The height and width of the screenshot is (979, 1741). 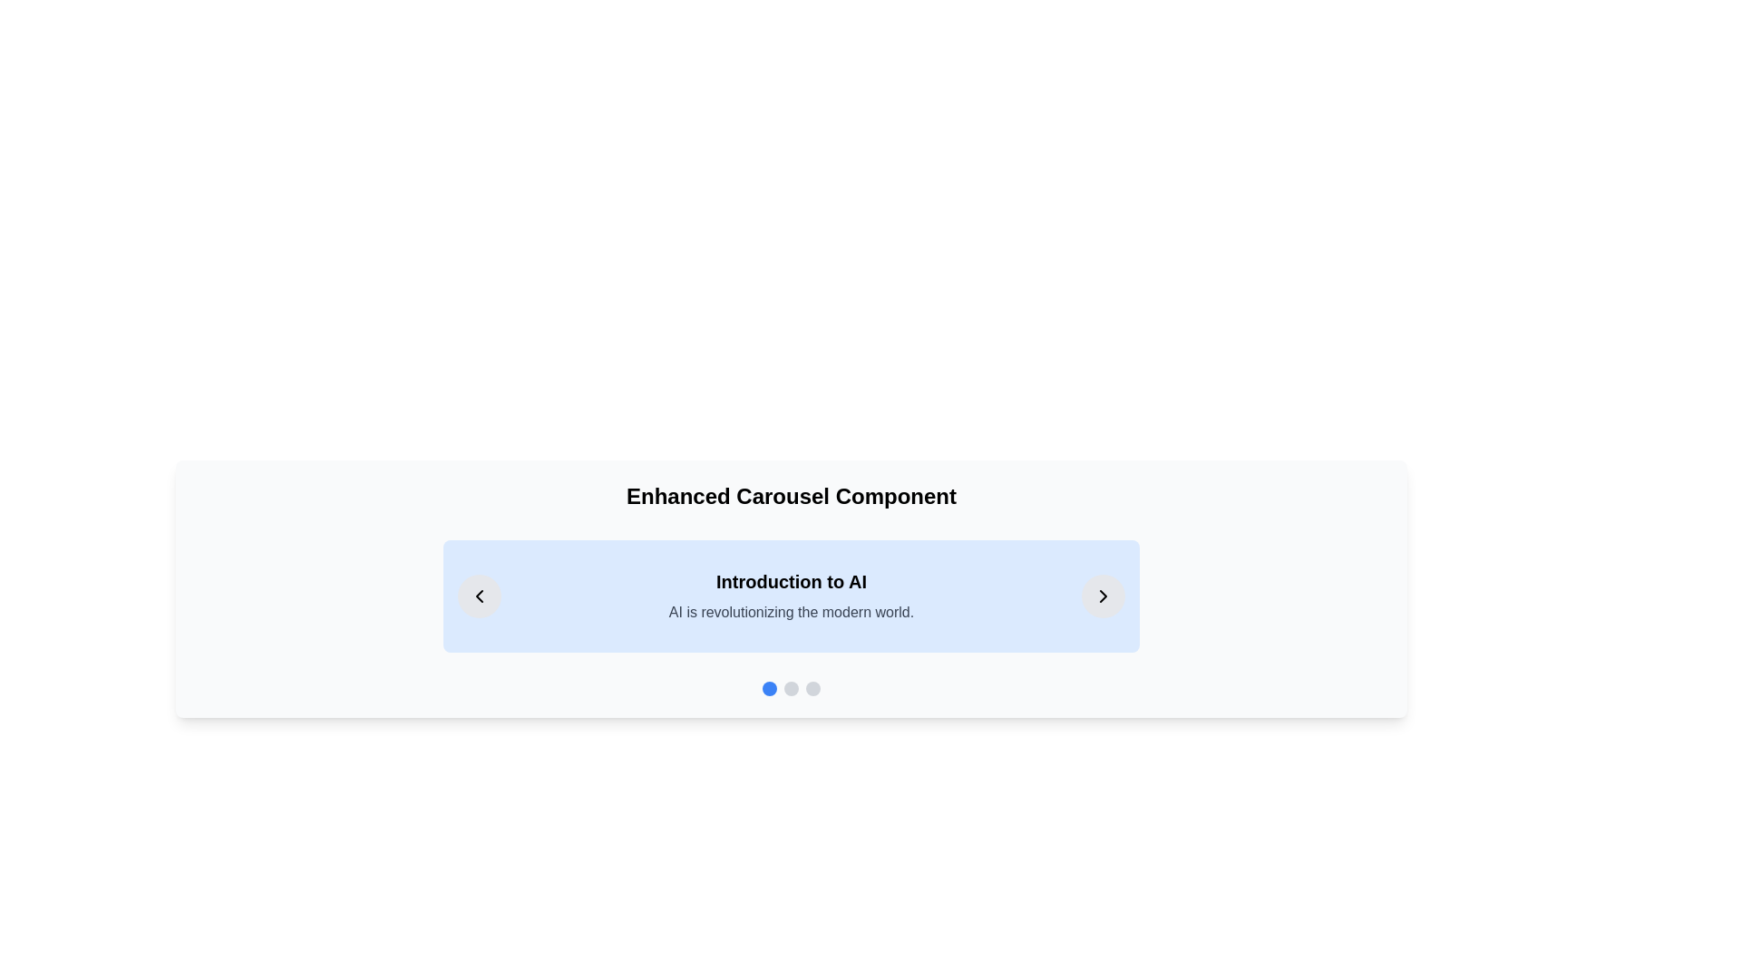 I want to click on the Text Label that serves as a header or title within the blue box, positioned above the descriptive text 'AI is revolutionizing the modern world.', so click(x=792, y=581).